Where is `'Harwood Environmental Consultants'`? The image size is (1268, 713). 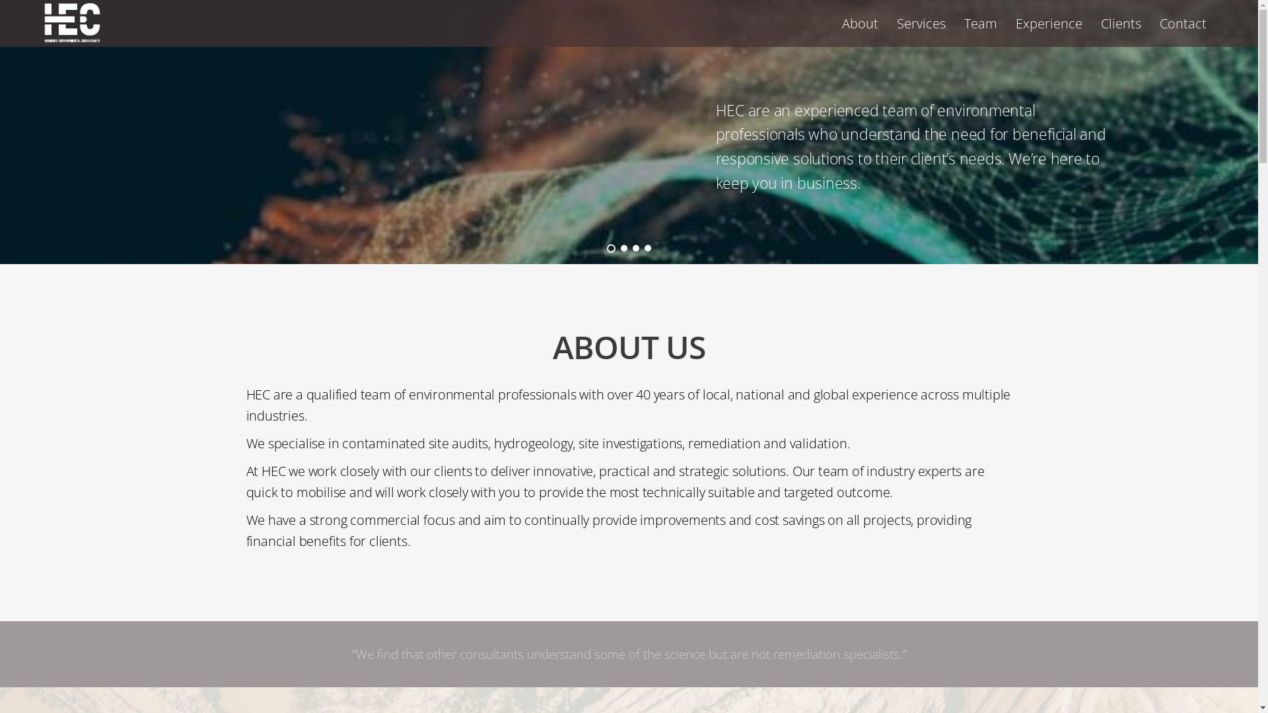 'Harwood Environmental Consultants' is located at coordinates (44, 34).